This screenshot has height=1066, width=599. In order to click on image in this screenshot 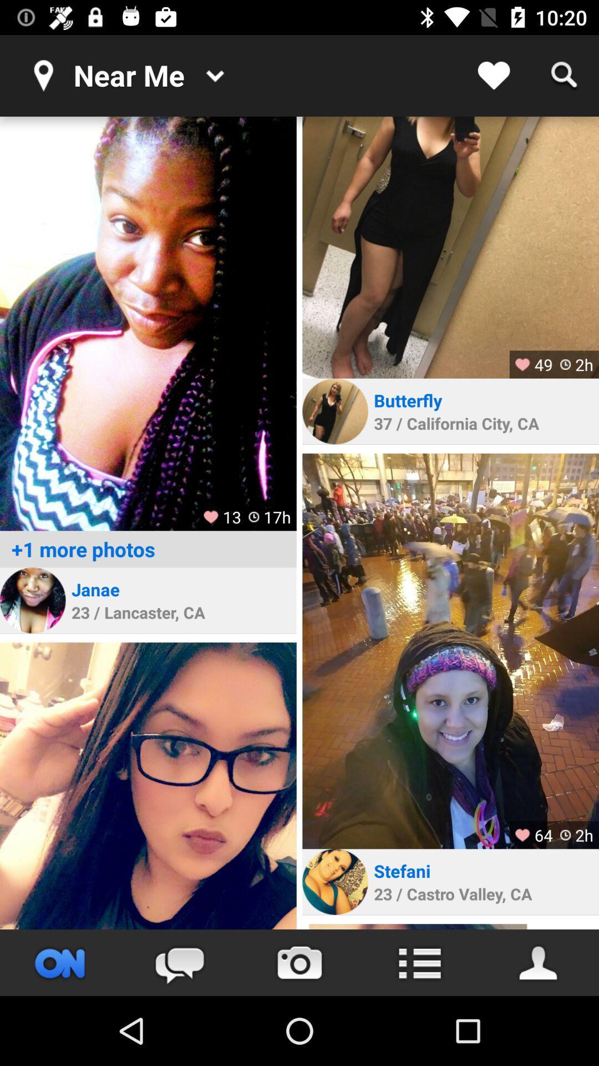, I will do `click(450, 247)`.